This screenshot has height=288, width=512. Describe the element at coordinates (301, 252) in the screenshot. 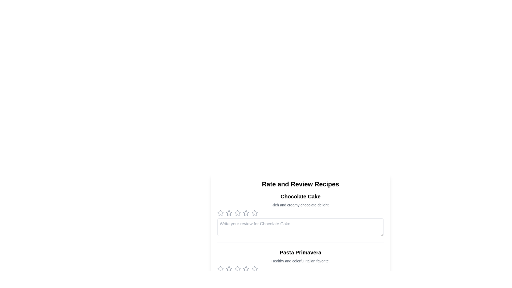

I see `the bold, large-font text label displaying 'Pasta Primavera', which is prominently styled in black and positioned above the descriptive text in the 'Rate and Review Recipes' section` at that location.